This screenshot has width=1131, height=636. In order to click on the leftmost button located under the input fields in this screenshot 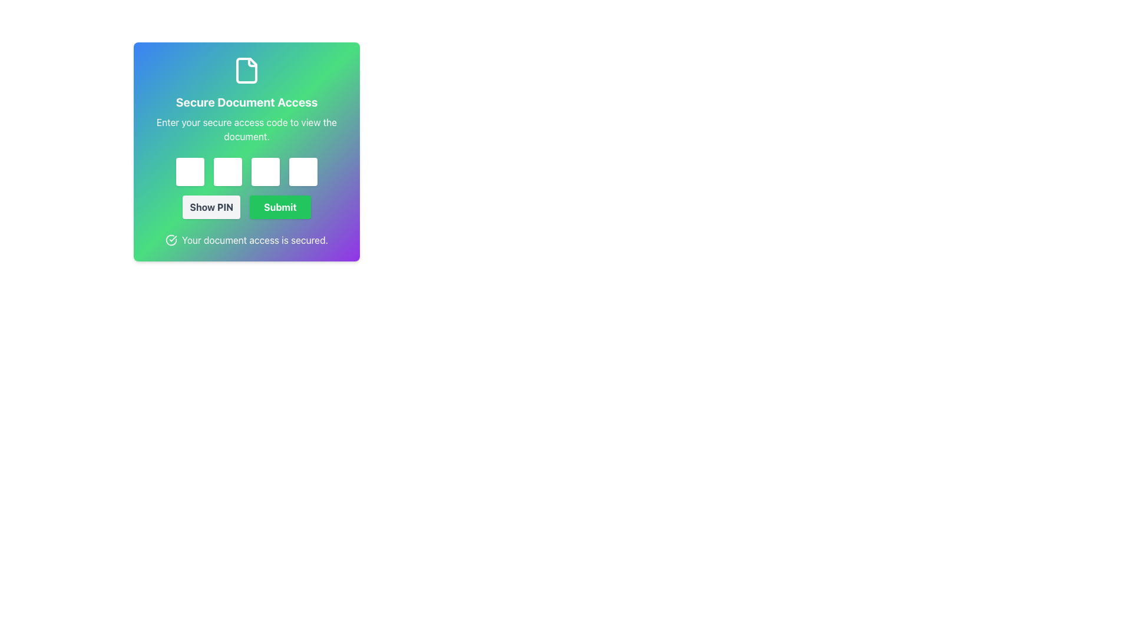, I will do `click(211, 206)`.